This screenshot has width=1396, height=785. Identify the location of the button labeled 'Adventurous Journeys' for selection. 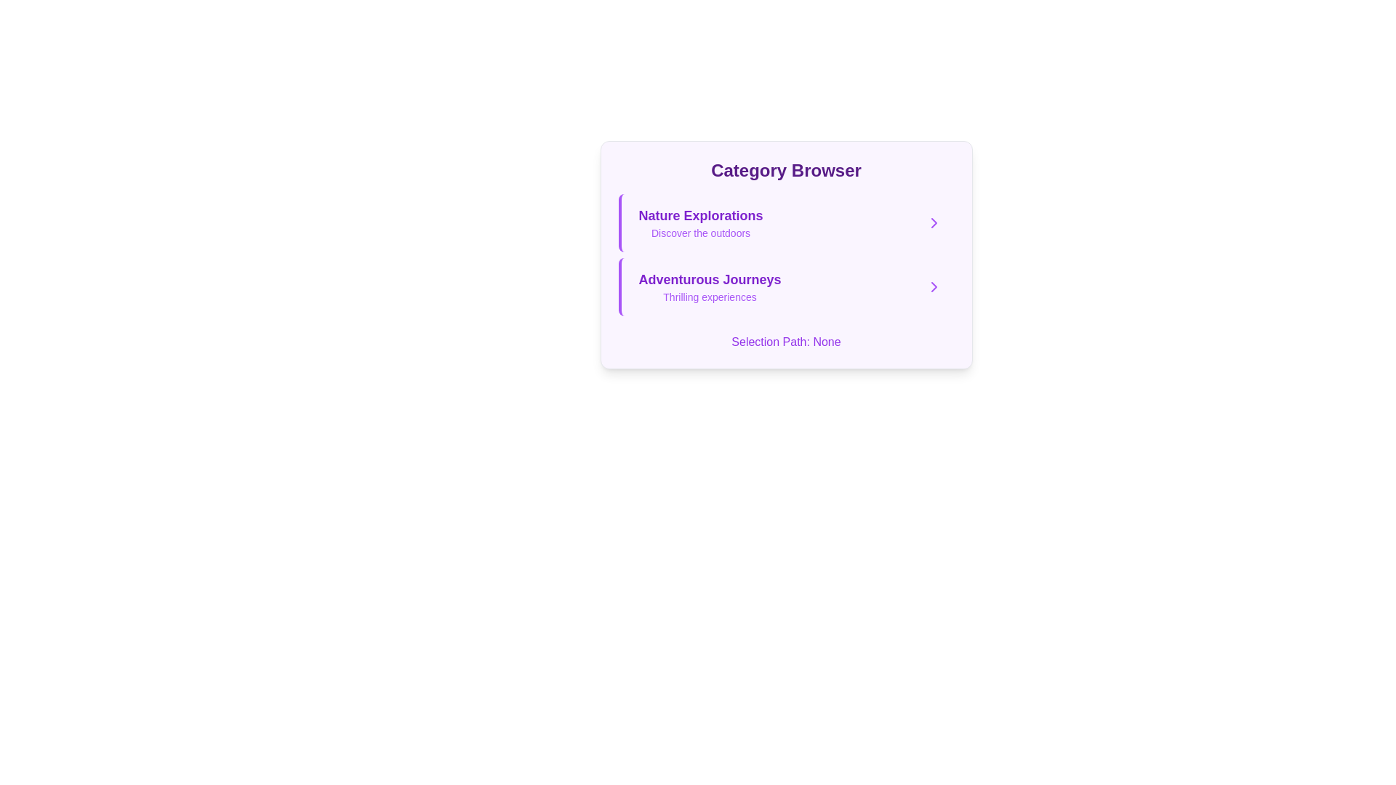
(785, 286).